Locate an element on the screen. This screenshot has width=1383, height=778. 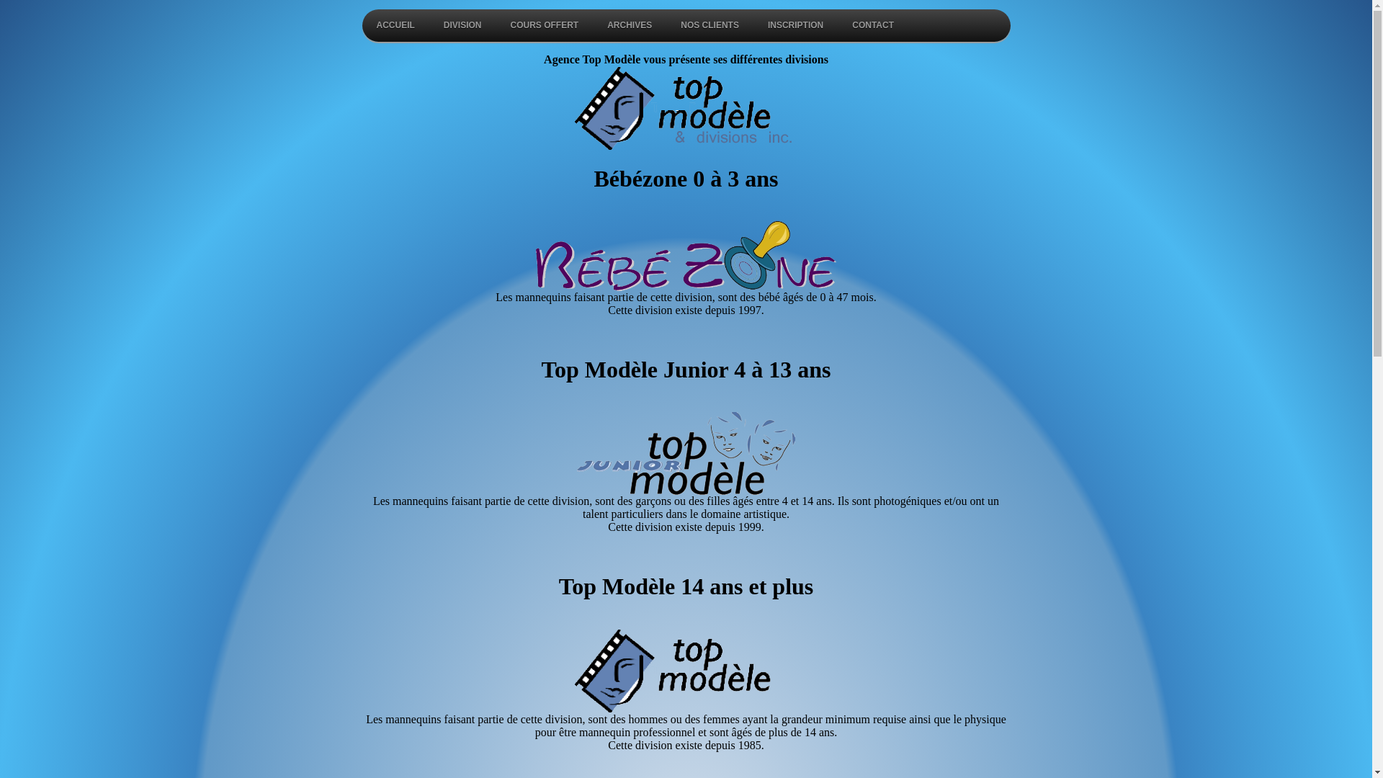
'DIVISION' is located at coordinates (462, 25).